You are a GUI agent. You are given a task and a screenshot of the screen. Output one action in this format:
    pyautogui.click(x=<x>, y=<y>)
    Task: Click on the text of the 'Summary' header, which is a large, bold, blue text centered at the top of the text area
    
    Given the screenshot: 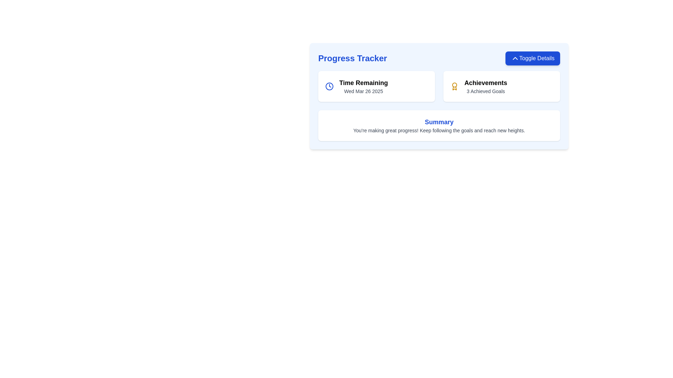 What is the action you would take?
    pyautogui.click(x=439, y=121)
    